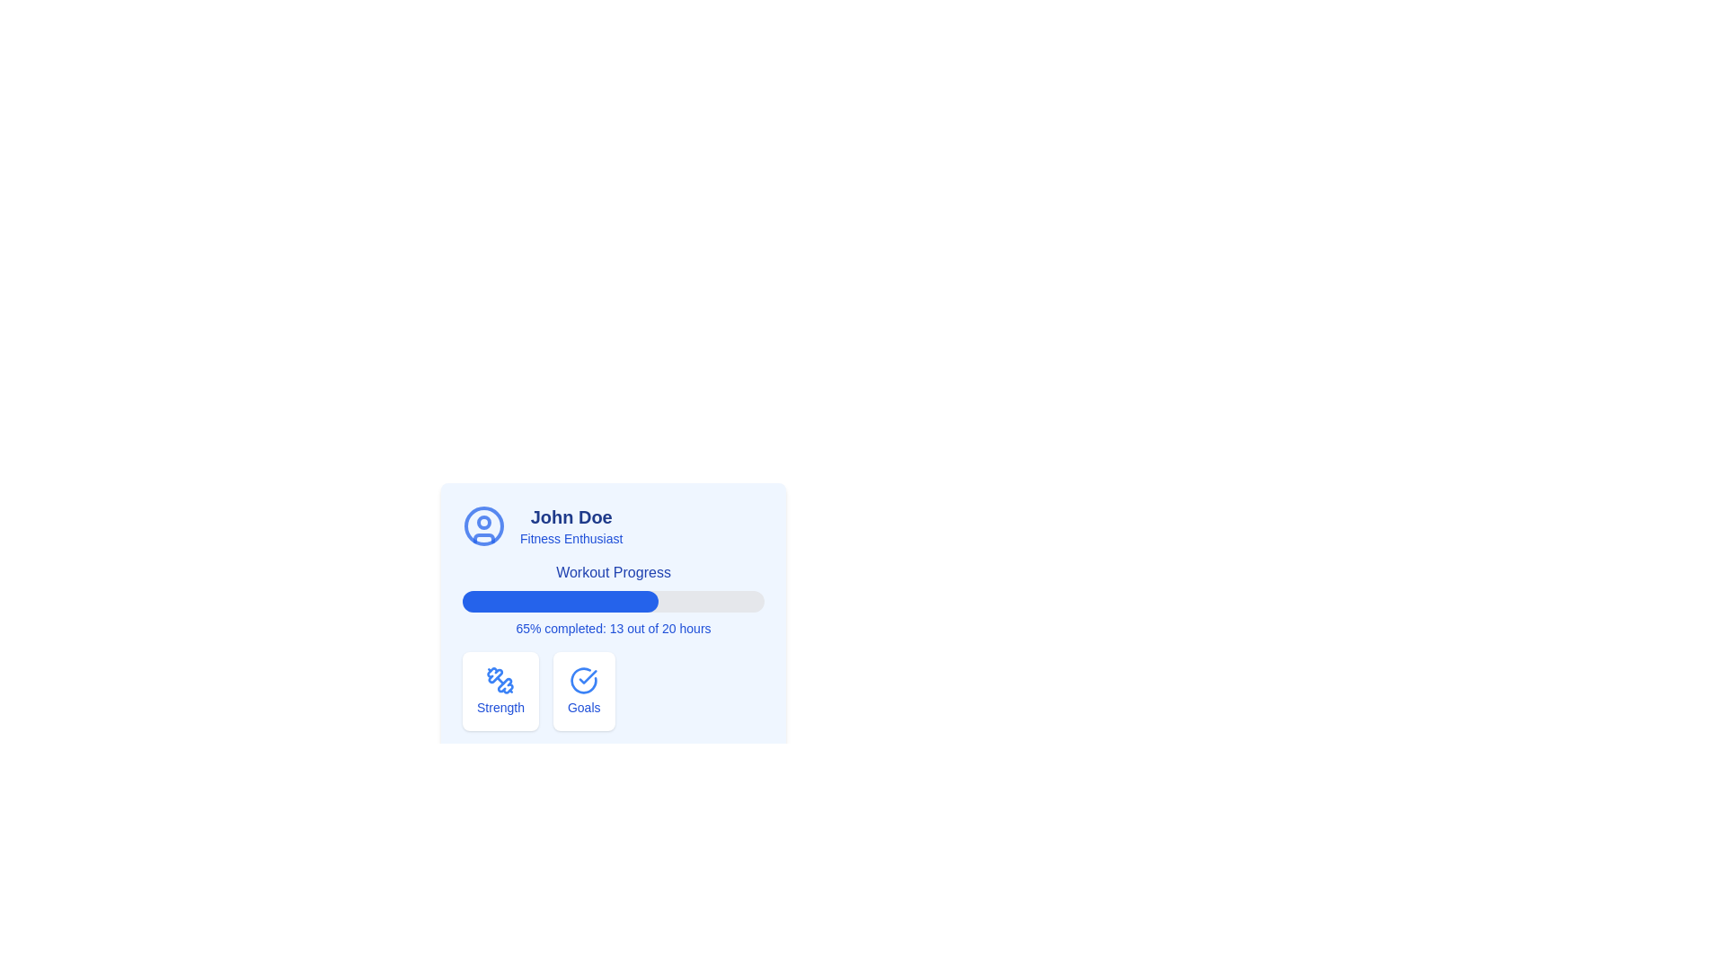  What do you see at coordinates (483, 523) in the screenshot?
I see `small circle element located within the user profile icon that represents the eye or face depiction, by performing a click action to trigger the DOM inspection` at bounding box center [483, 523].